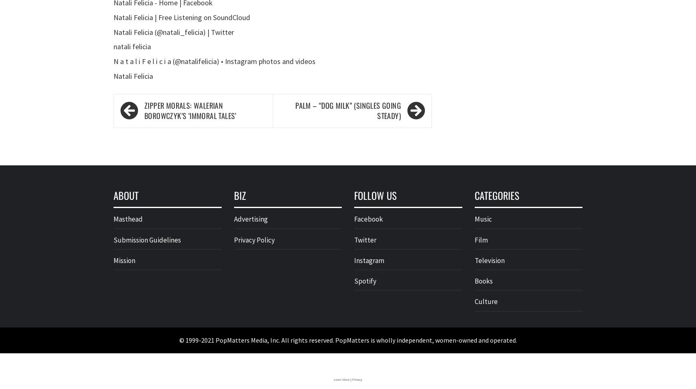 This screenshot has height=389, width=696. I want to click on 'Learn More', so click(341, 379).